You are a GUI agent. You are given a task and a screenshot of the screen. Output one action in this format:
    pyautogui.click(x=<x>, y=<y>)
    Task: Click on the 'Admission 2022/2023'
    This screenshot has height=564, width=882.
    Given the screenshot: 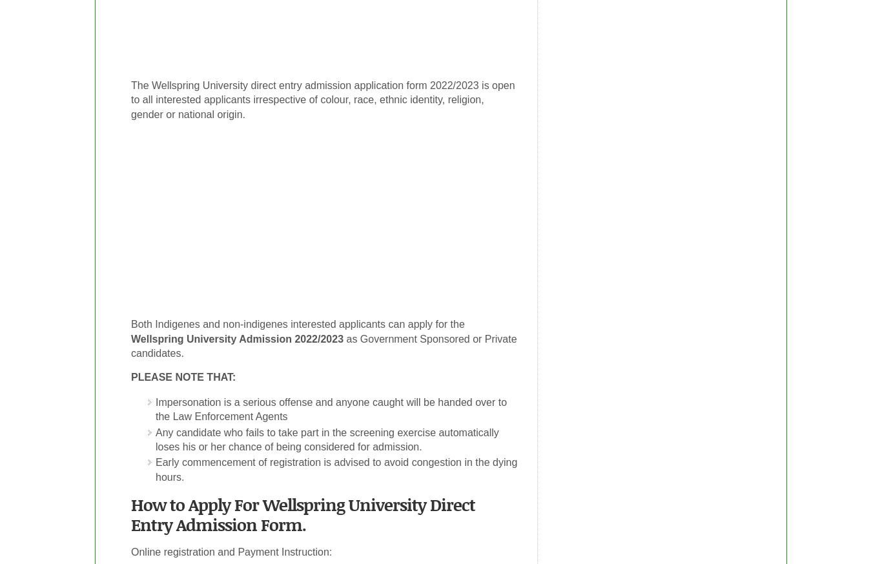 What is the action you would take?
    pyautogui.click(x=289, y=338)
    